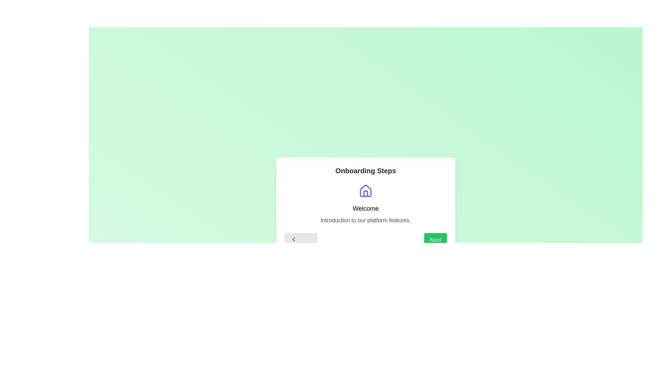 Image resolution: width=672 pixels, height=378 pixels. I want to click on the first indicator dot in the multi-step onboarding process, located at the bottom center of the modal dialog, so click(355, 265).